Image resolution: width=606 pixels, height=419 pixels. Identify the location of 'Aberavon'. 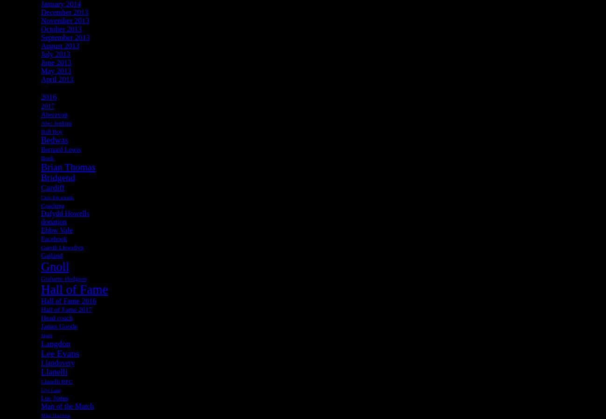
(54, 113).